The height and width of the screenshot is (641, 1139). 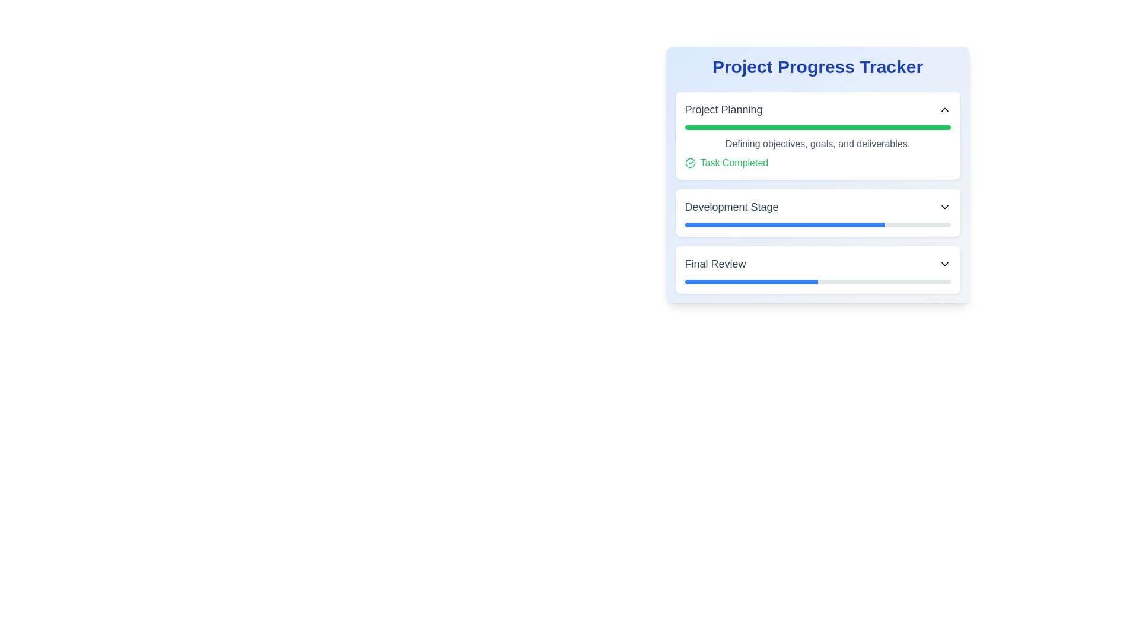 I want to click on the completion percentage of the 'Final Review' progress bar, so click(x=947, y=281).